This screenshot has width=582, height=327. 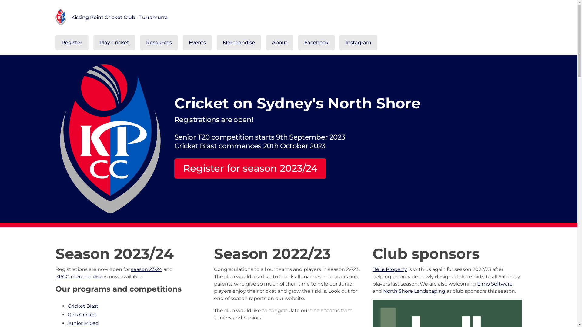 I want to click on 'Girls Cricket', so click(x=81, y=314).